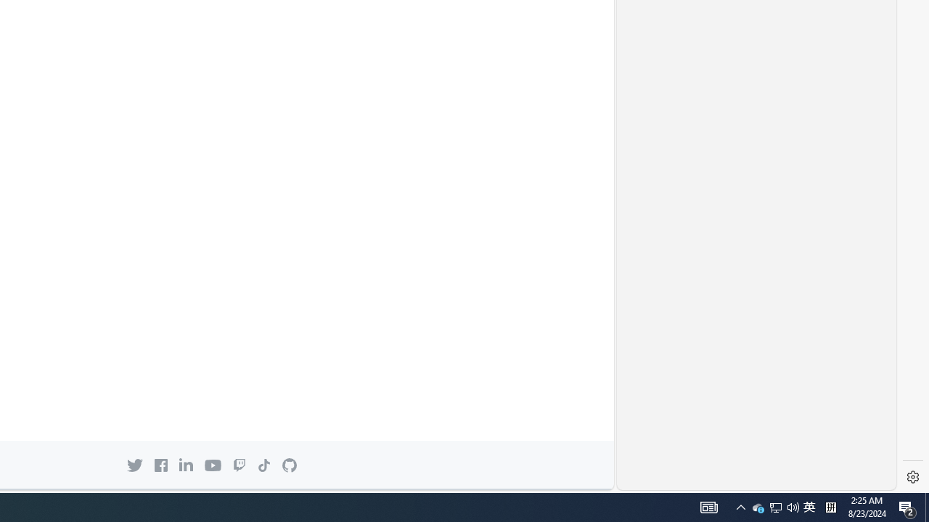  Describe the element at coordinates (290, 465) in the screenshot. I see `'GitHub mark'` at that location.